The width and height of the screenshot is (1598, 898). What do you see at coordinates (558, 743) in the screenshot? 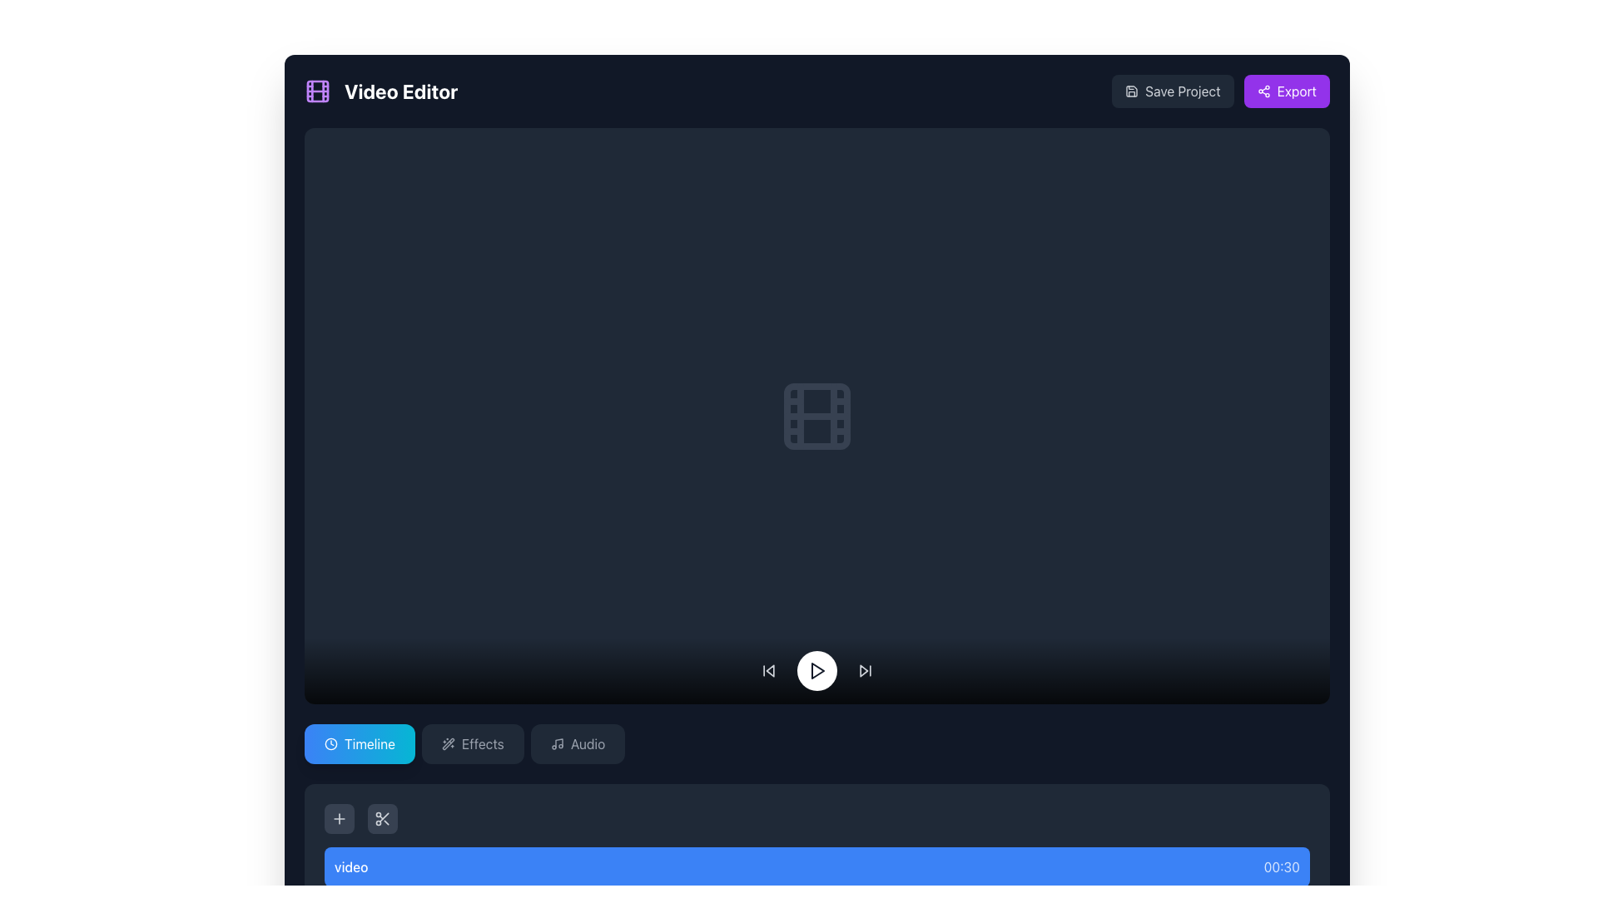
I see `the vertical line portion of the music icon located on the bottom interface bar` at bounding box center [558, 743].